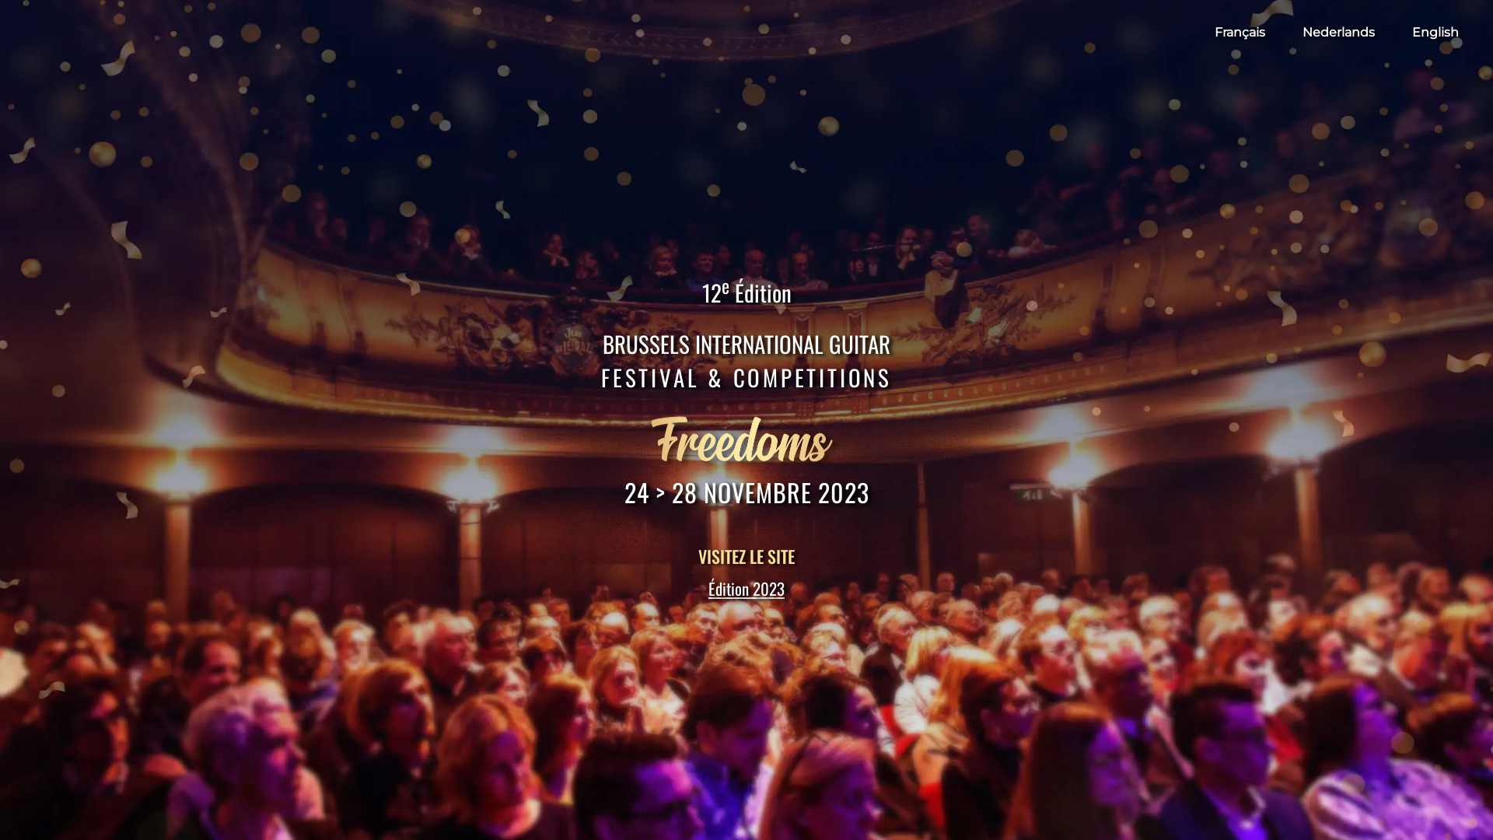 The width and height of the screenshot is (1493, 840). I want to click on 'English', so click(1411, 32).